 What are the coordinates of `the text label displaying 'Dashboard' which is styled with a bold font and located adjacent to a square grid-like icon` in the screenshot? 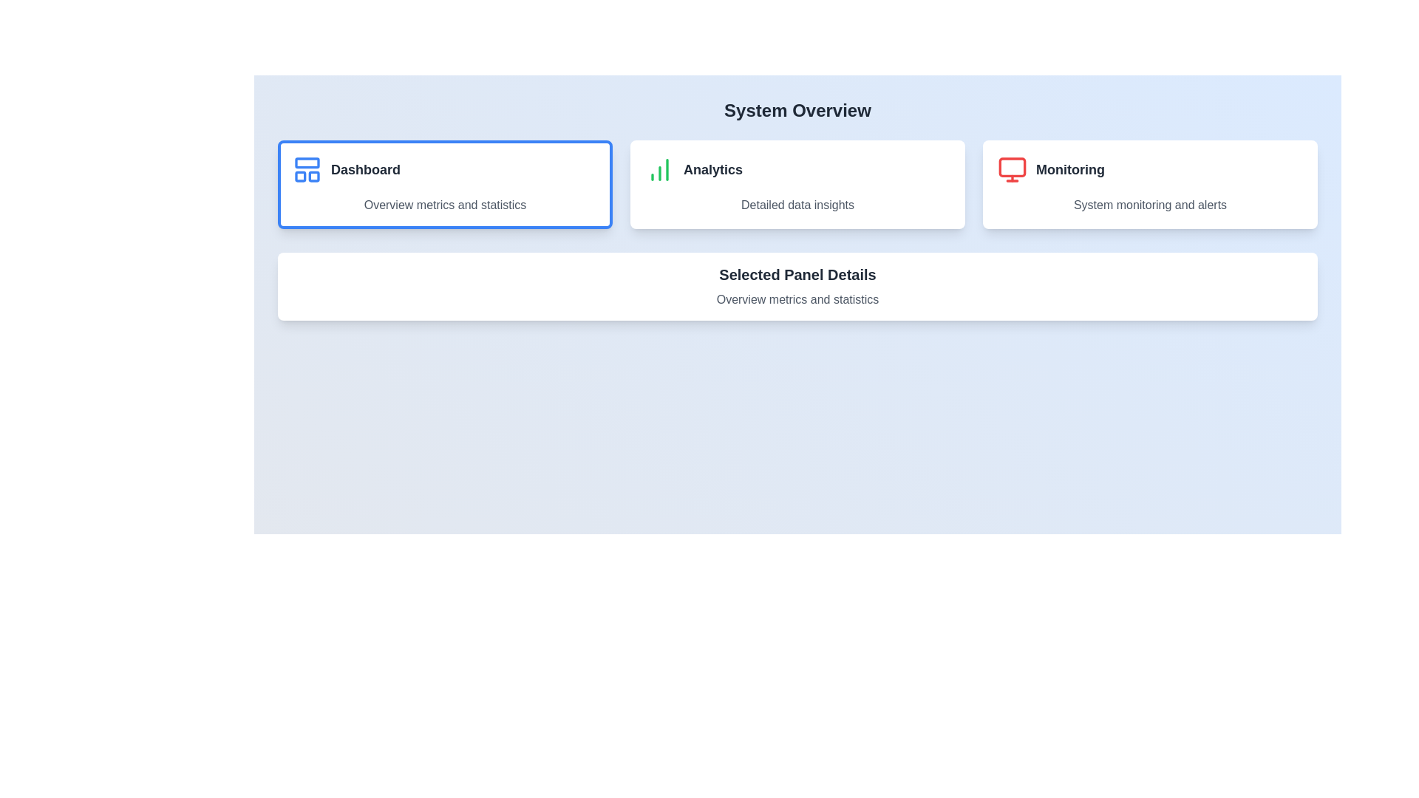 It's located at (365, 169).